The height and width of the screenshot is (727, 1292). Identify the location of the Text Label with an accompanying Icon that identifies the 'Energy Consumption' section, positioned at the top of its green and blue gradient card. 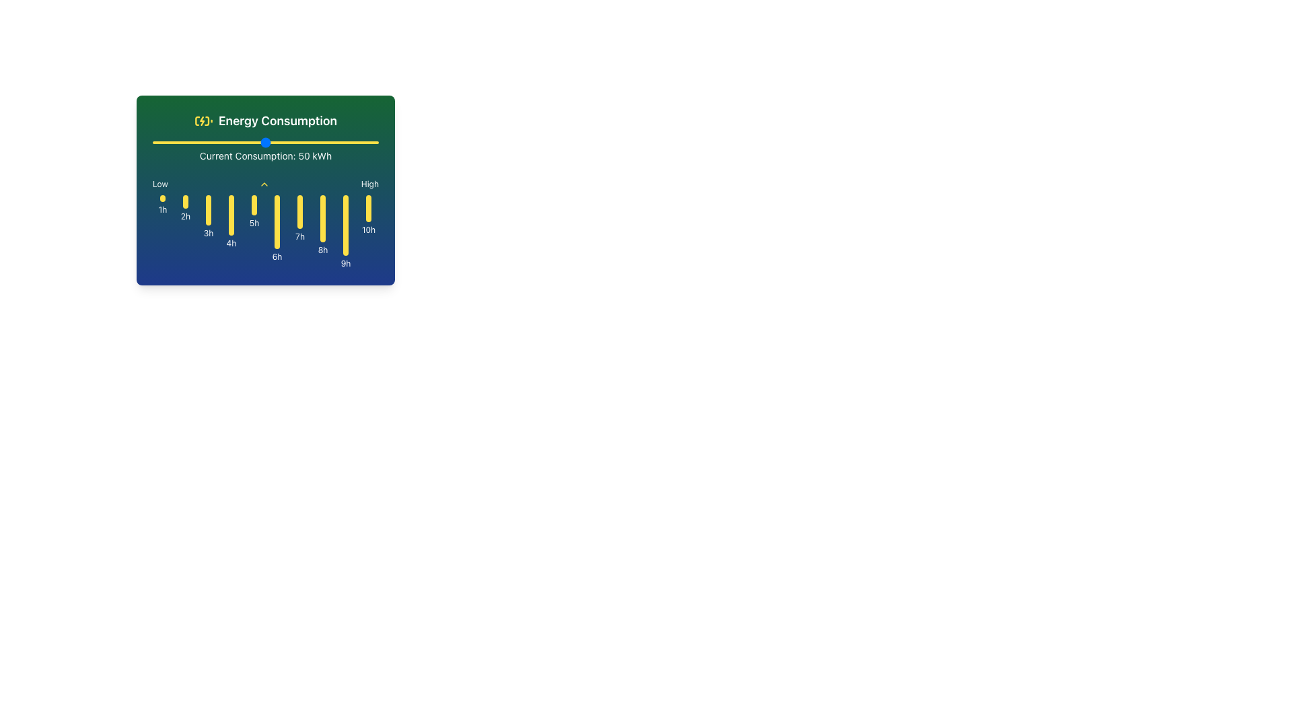
(265, 121).